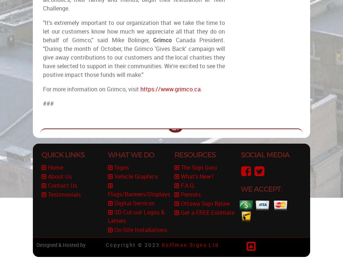 The image size is (343, 262). Describe the element at coordinates (43, 57) in the screenshot. I see `'Canada President. "During the month of October, the Grimco 'Gives Back' campaign will give away contributions to our customers and the local charities they have selected to support in their communities. We're excited to see the positive impact those funds will make."'` at that location.